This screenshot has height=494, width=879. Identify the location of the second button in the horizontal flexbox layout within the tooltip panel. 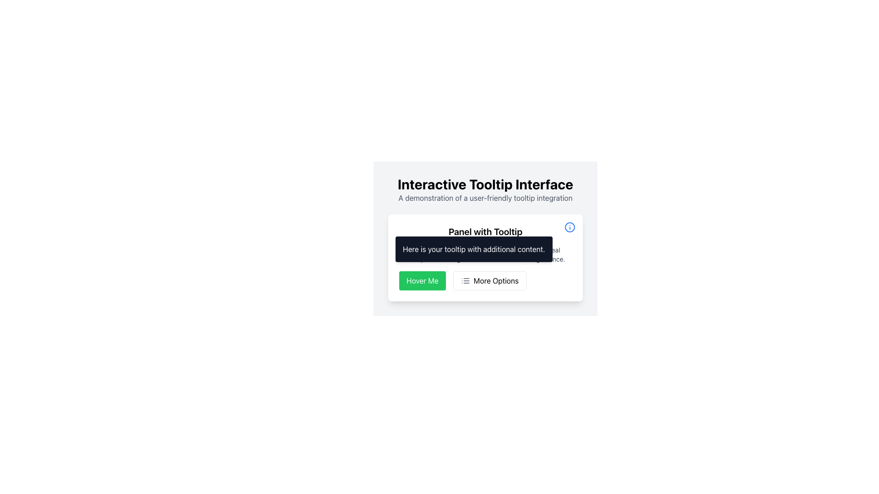
(485, 280).